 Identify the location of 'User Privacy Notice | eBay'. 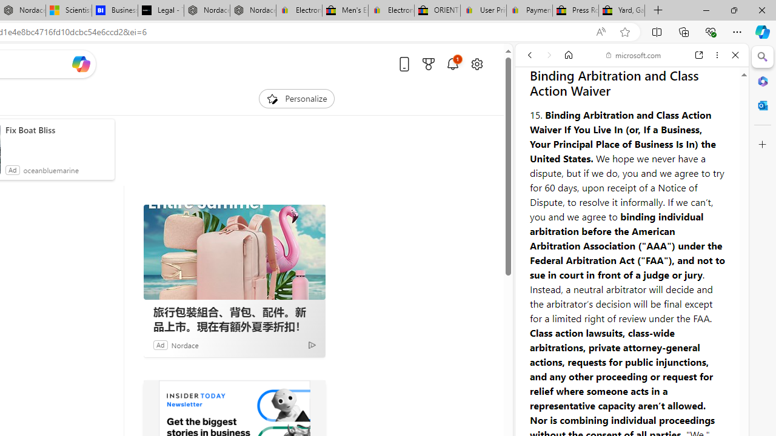
(483, 10).